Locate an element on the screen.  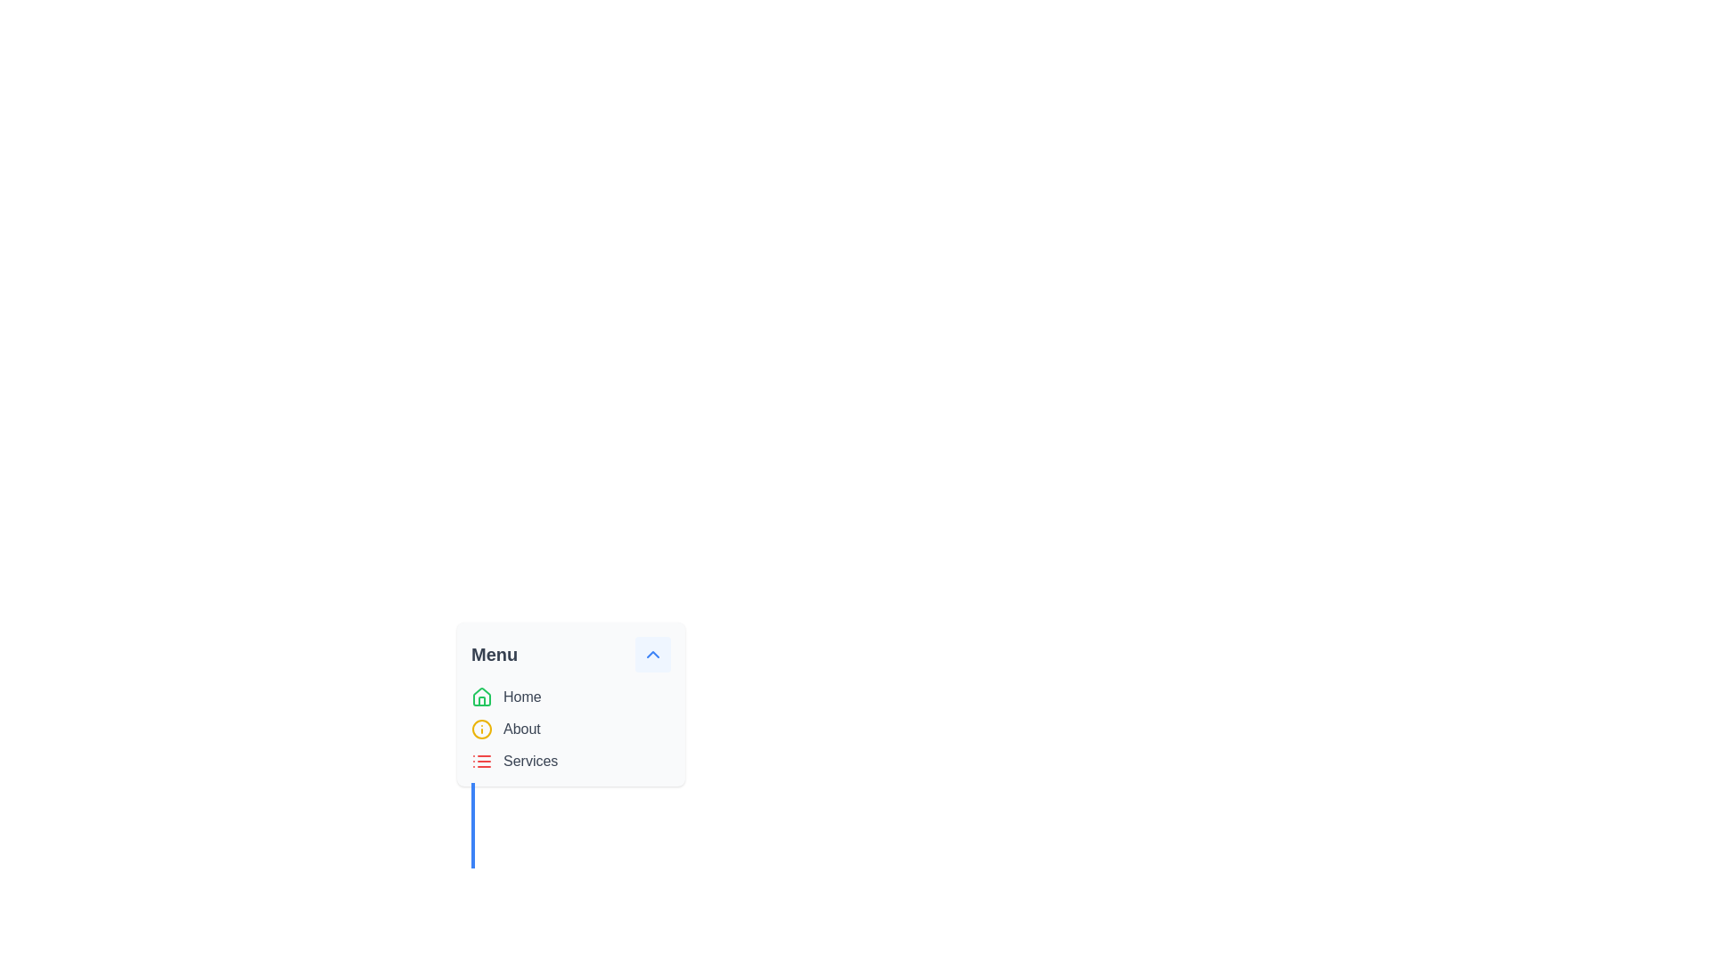
the circular icon with a yellow outline in the 'Info' symbol located in the menu section titled 'Menu' is located at coordinates (482, 729).